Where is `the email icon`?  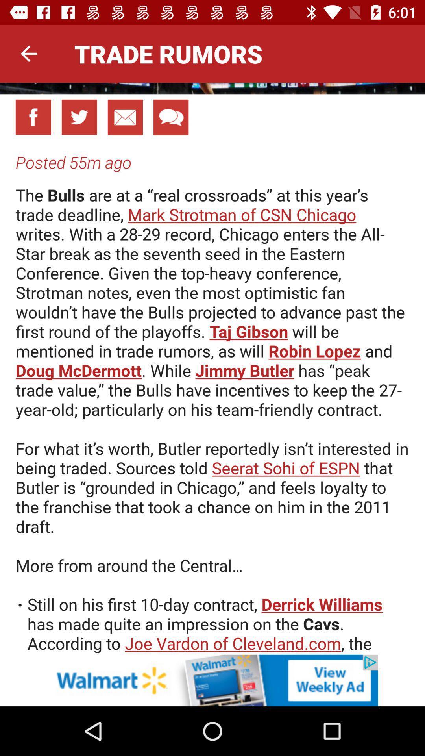 the email icon is located at coordinates (125, 117).